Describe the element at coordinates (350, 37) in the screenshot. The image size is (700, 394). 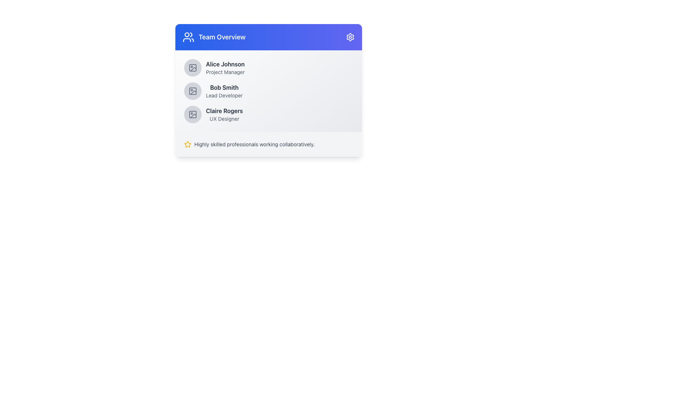
I see `the cogwheel icon button located in the top-right corner of the blue header section of the card` at that location.